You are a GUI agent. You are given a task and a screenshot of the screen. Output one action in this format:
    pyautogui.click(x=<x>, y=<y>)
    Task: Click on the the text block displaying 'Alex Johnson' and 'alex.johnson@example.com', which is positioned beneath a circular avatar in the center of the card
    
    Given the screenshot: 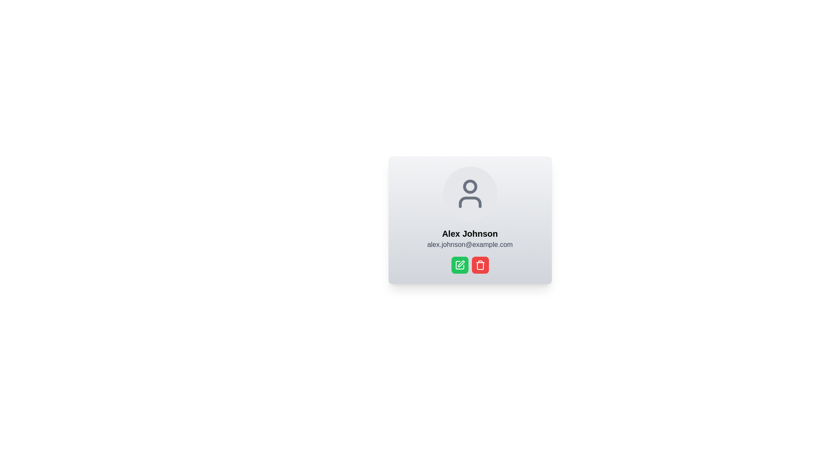 What is the action you would take?
    pyautogui.click(x=469, y=239)
    